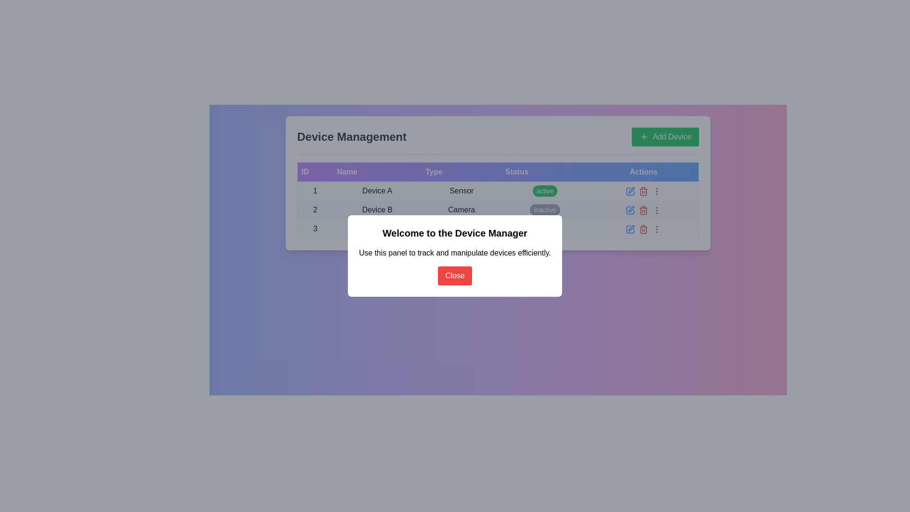 The height and width of the screenshot is (512, 910). Describe the element at coordinates (315, 210) in the screenshot. I see `the text label displaying the number '2' in the 'ID' column of the Device Management table` at that location.